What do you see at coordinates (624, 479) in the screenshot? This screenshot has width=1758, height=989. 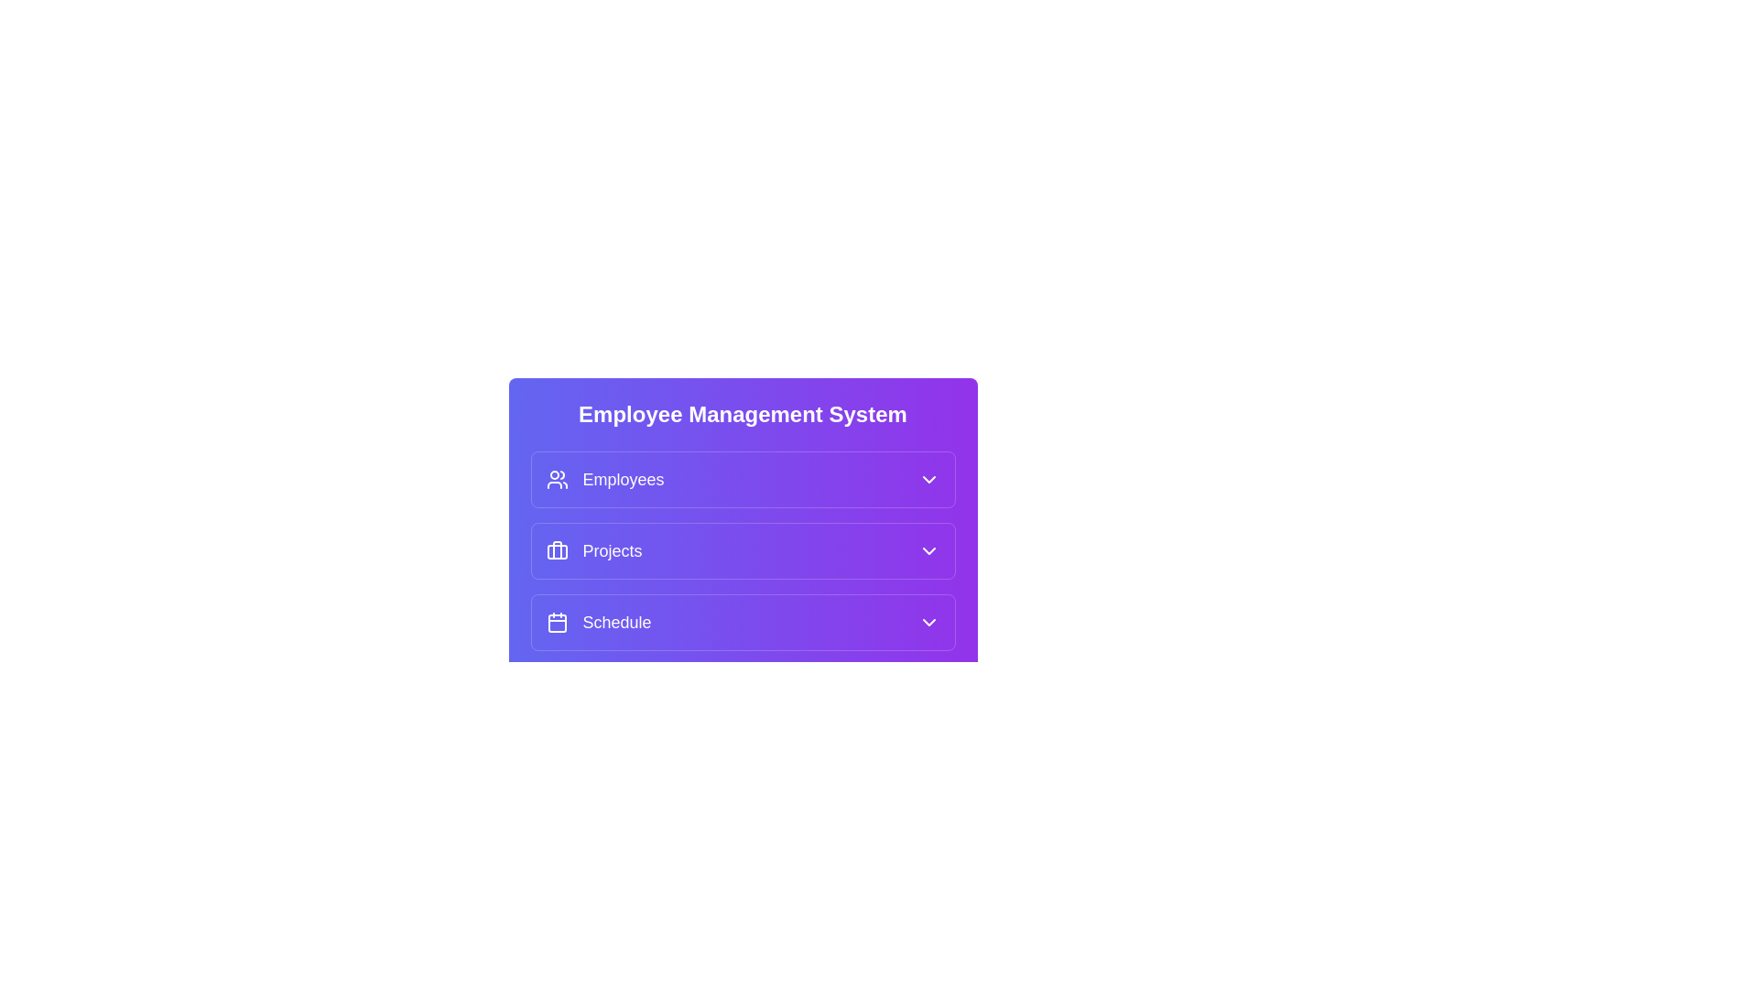 I see `text label representing the menu option for viewing or managing employees, which is positioned as the first item in a vertically stacked menu, to the right of a user-group icon and to the left of a dropdown indicator` at bounding box center [624, 479].